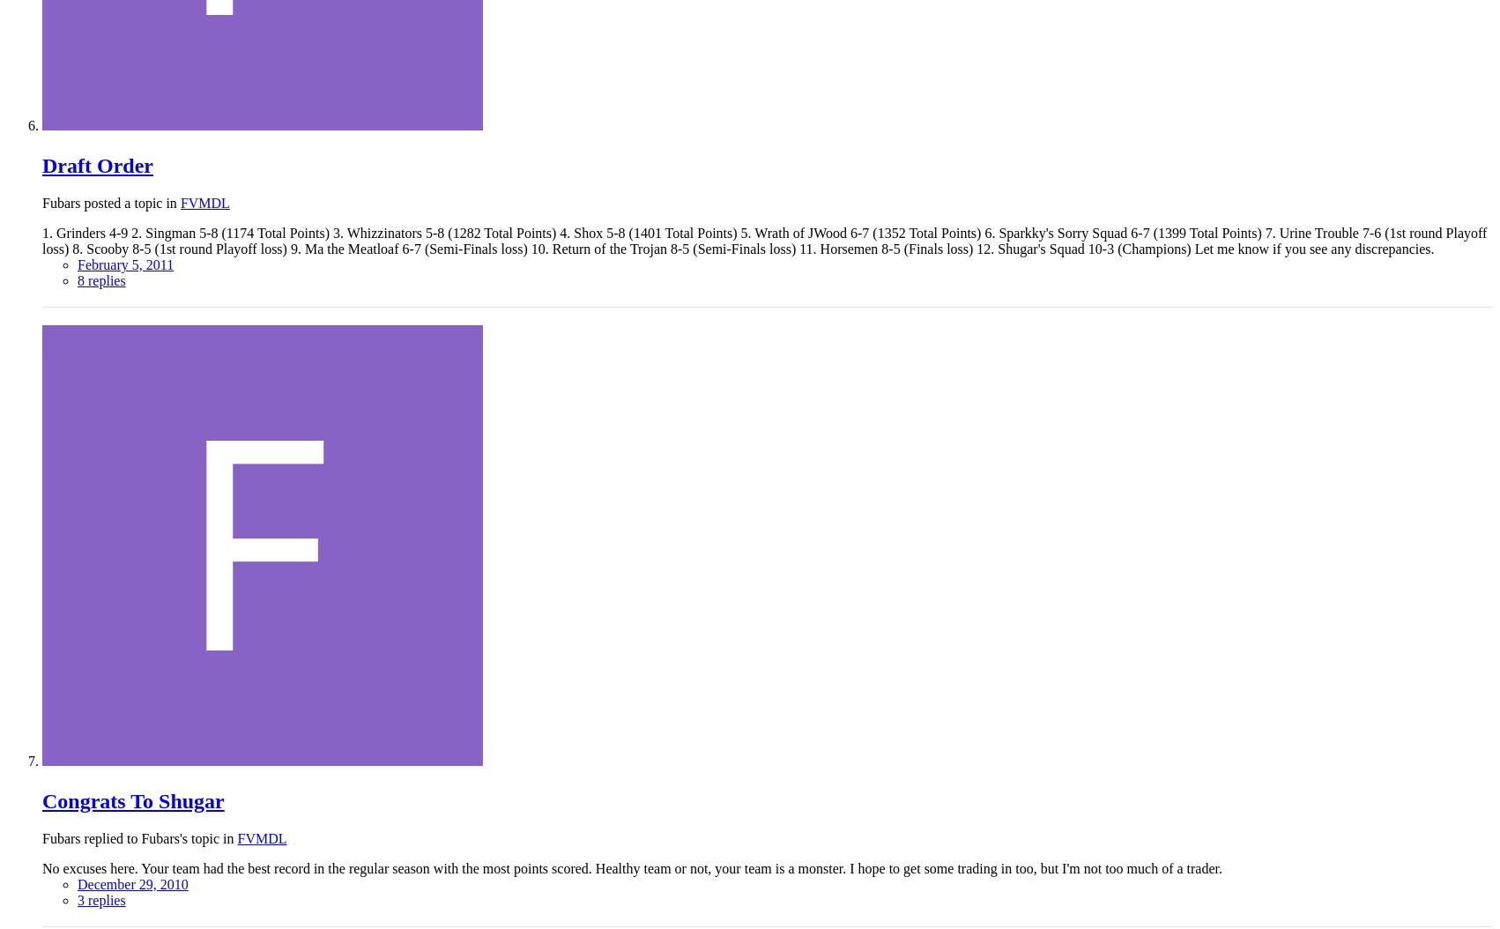  I want to click on 'Congrats To Shugar', so click(41, 799).